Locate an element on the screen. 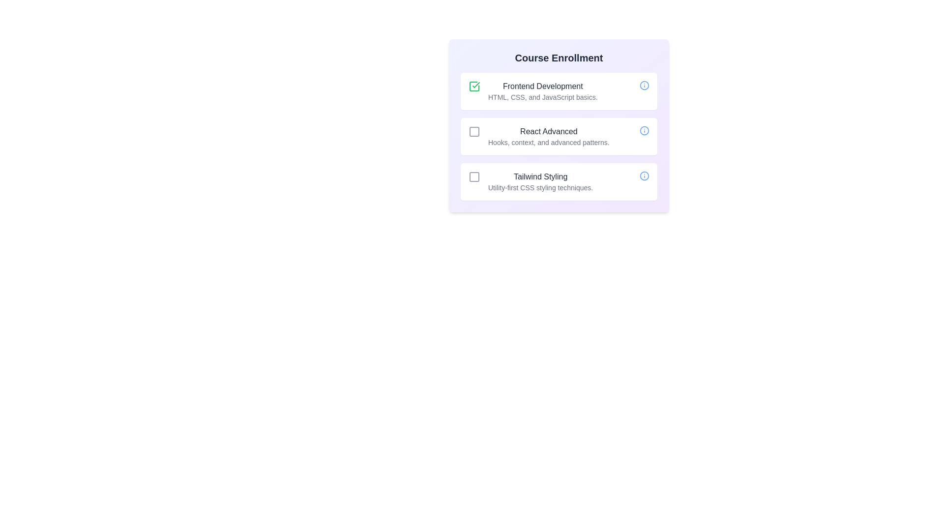 Image resolution: width=944 pixels, height=531 pixels. the text block displaying course information titled 'Frontend Development', which is the top item under 'Course Enrollment' is located at coordinates (542, 91).